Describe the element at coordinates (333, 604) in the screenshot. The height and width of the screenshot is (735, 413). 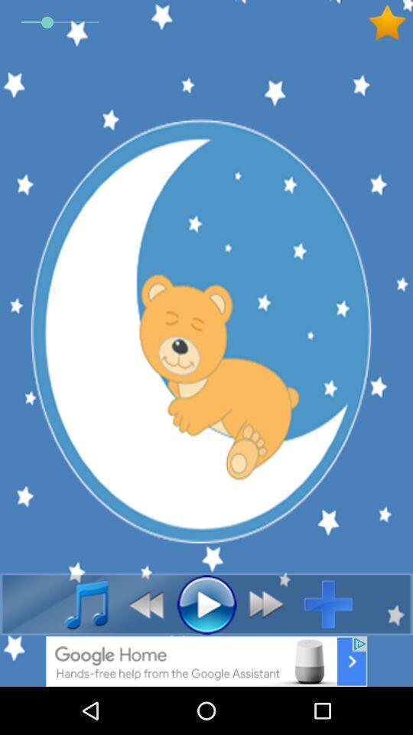
I see `the add icon` at that location.